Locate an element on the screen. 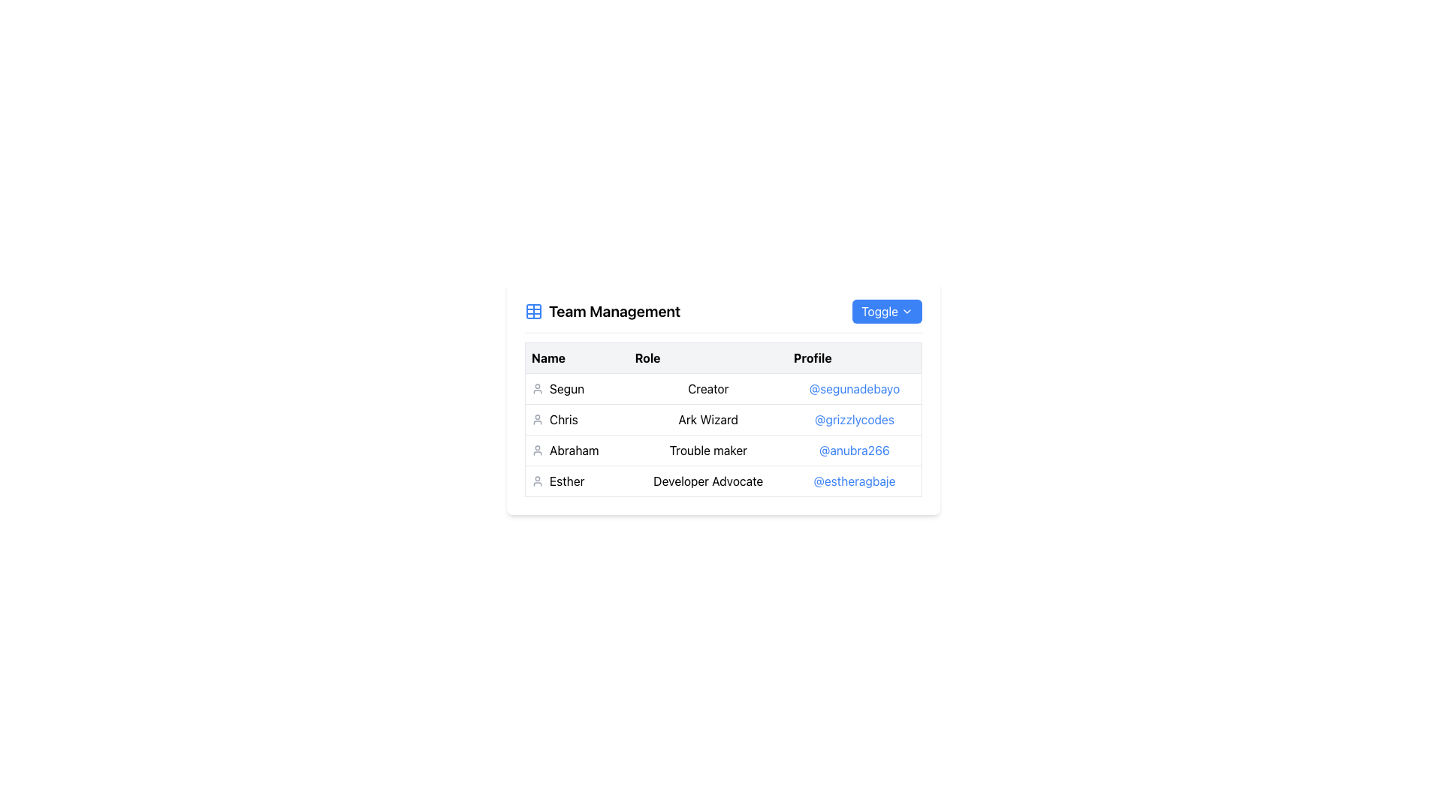 This screenshot has height=811, width=1442. the hyperlink in the fourth row of the 'Profile' column, located to the right of the 'Developer Advocate' text is located at coordinates (855, 481).